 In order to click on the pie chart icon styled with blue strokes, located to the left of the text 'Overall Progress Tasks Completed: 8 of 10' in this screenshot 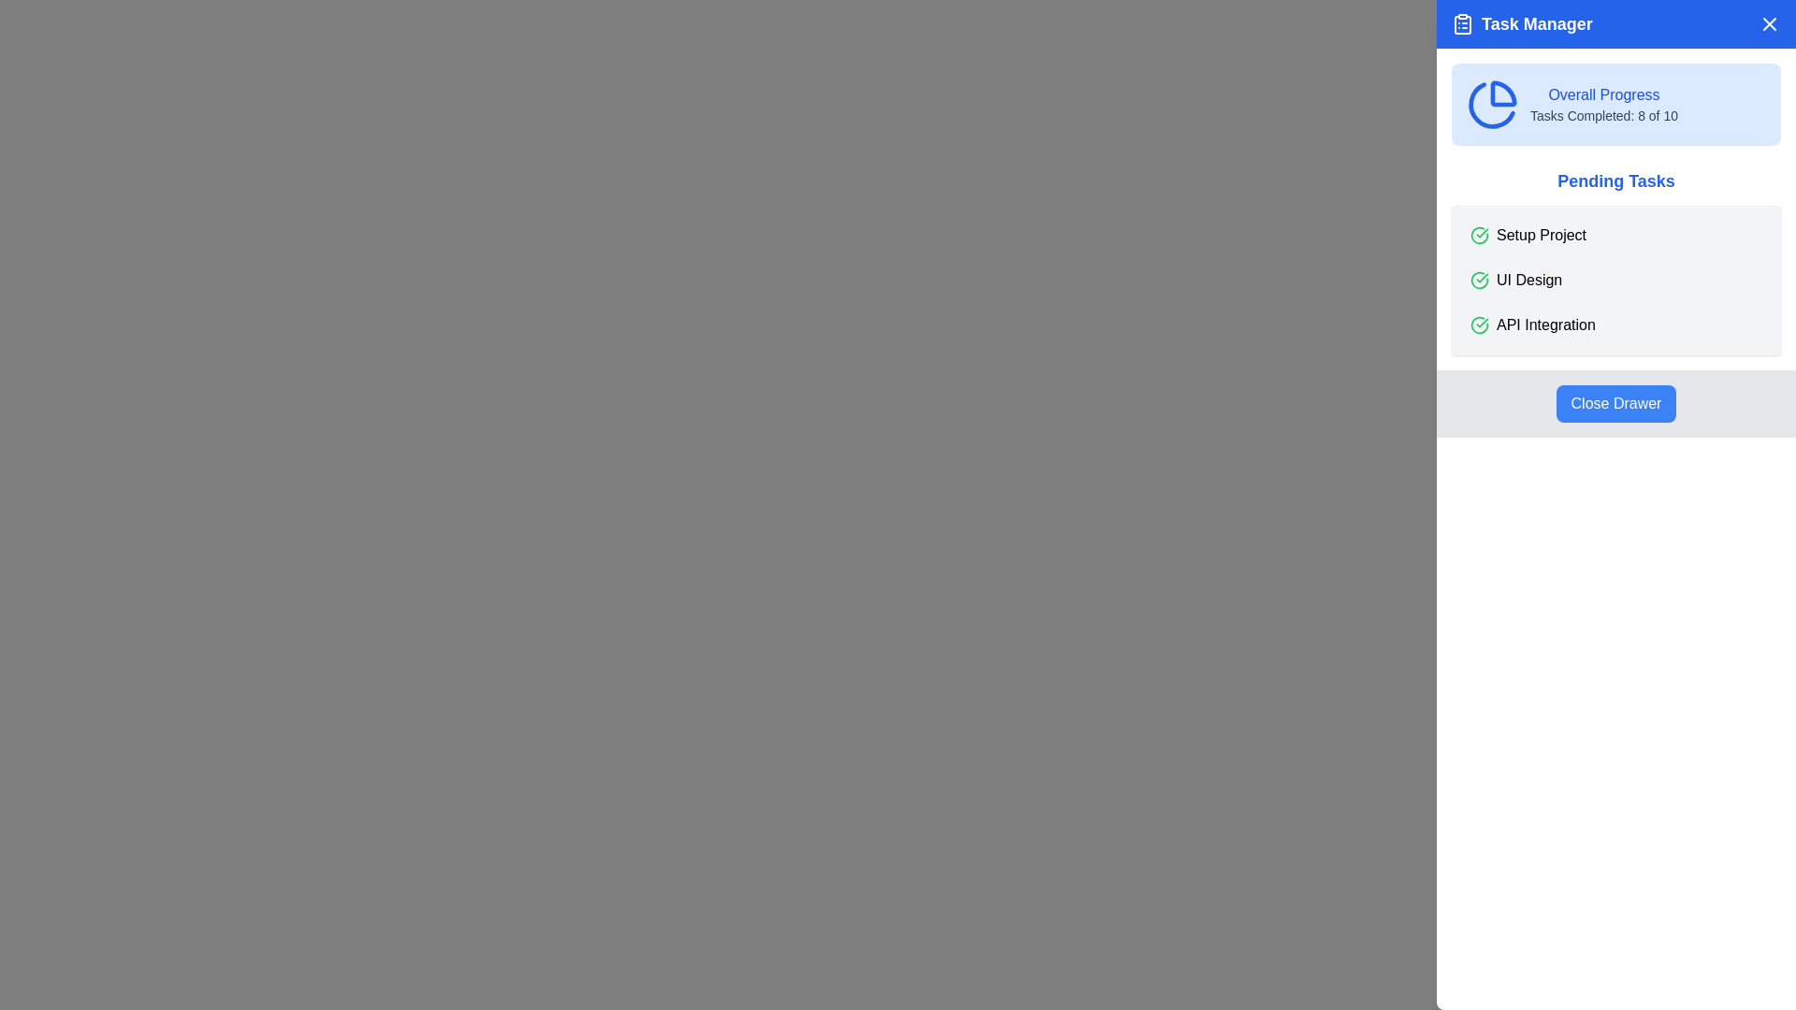, I will do `click(1492, 104)`.